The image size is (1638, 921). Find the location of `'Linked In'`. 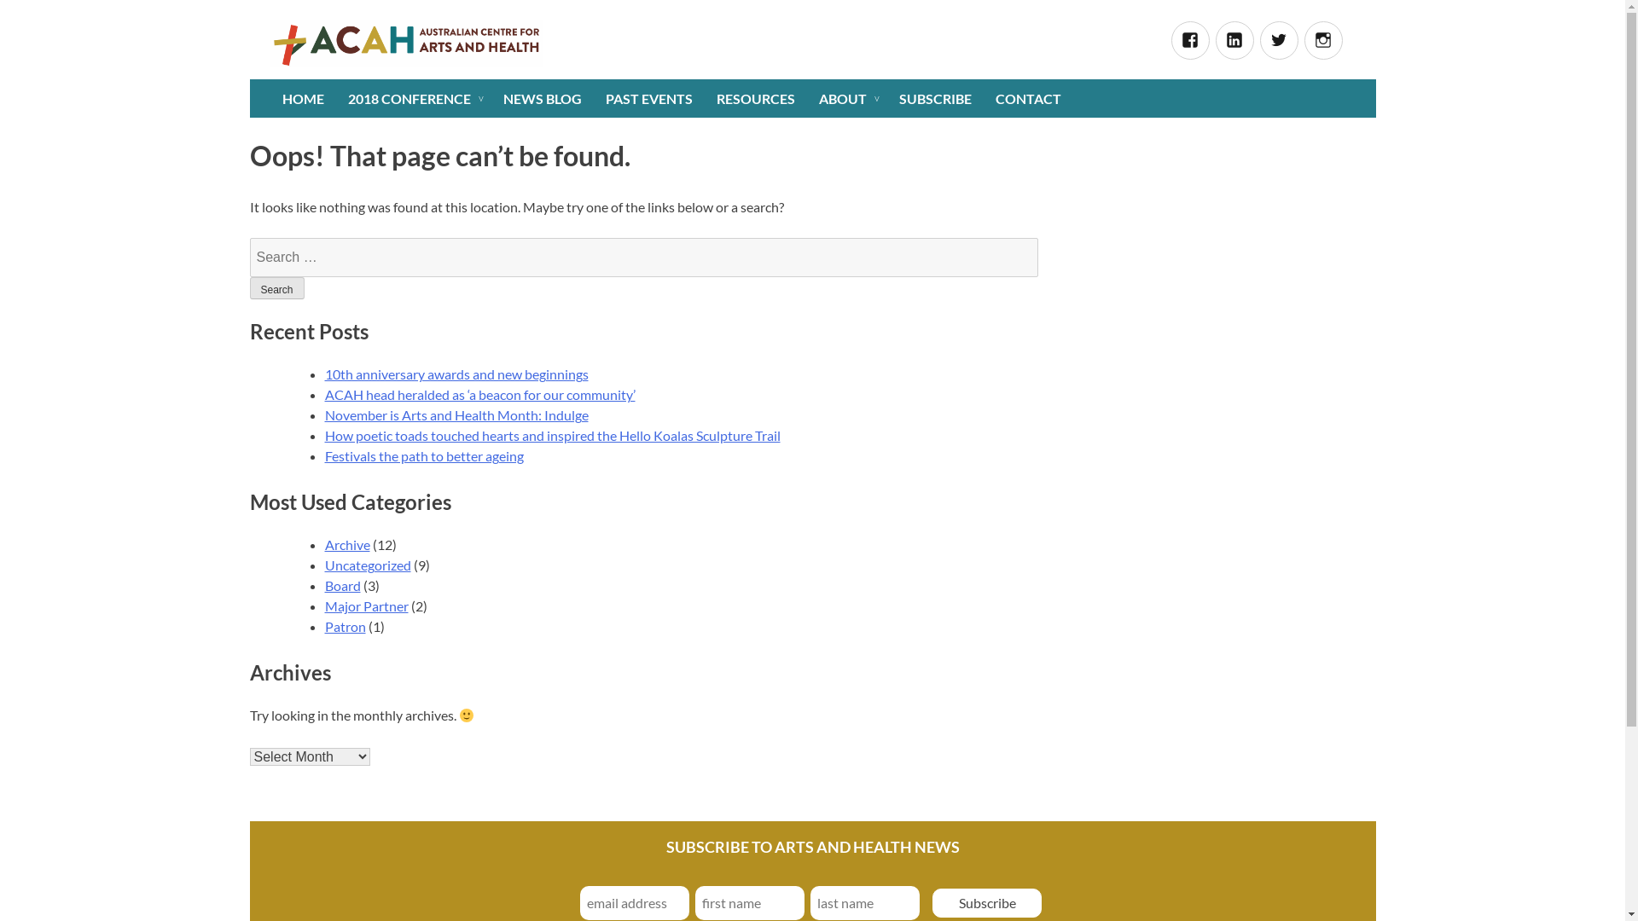

'Linked In' is located at coordinates (1214, 39).